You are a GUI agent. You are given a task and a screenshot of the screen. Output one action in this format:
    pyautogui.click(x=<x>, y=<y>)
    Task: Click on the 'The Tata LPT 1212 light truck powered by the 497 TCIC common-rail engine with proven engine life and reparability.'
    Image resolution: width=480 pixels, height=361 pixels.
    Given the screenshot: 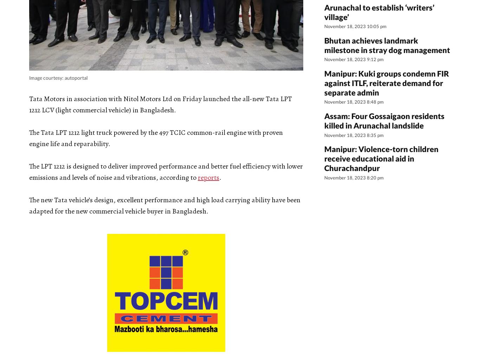 What is the action you would take?
    pyautogui.click(x=155, y=138)
    